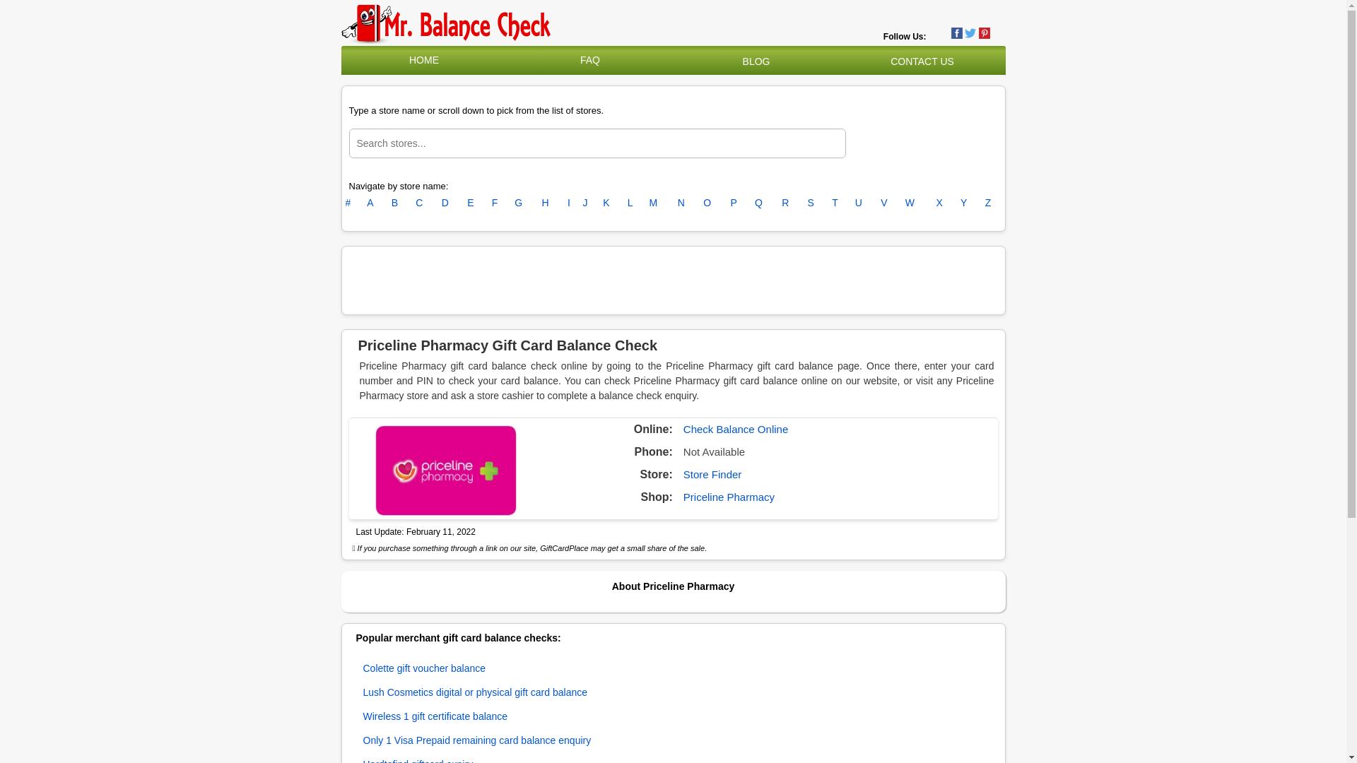 This screenshot has height=763, width=1357. What do you see at coordinates (729, 496) in the screenshot?
I see `'Priceline Pharmacy'` at bounding box center [729, 496].